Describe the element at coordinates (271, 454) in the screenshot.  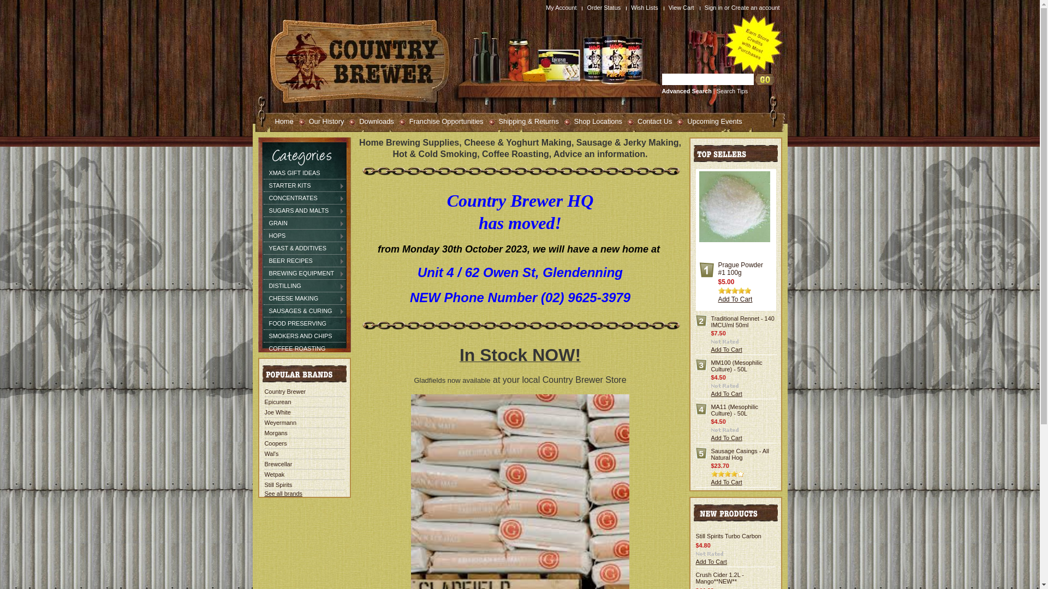
I see `'Wal's'` at that location.